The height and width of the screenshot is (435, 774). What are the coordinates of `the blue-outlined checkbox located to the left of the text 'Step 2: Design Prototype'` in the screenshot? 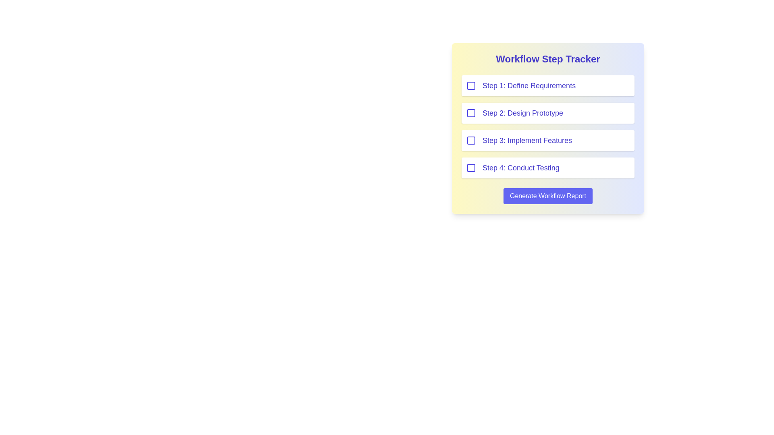 It's located at (471, 113).